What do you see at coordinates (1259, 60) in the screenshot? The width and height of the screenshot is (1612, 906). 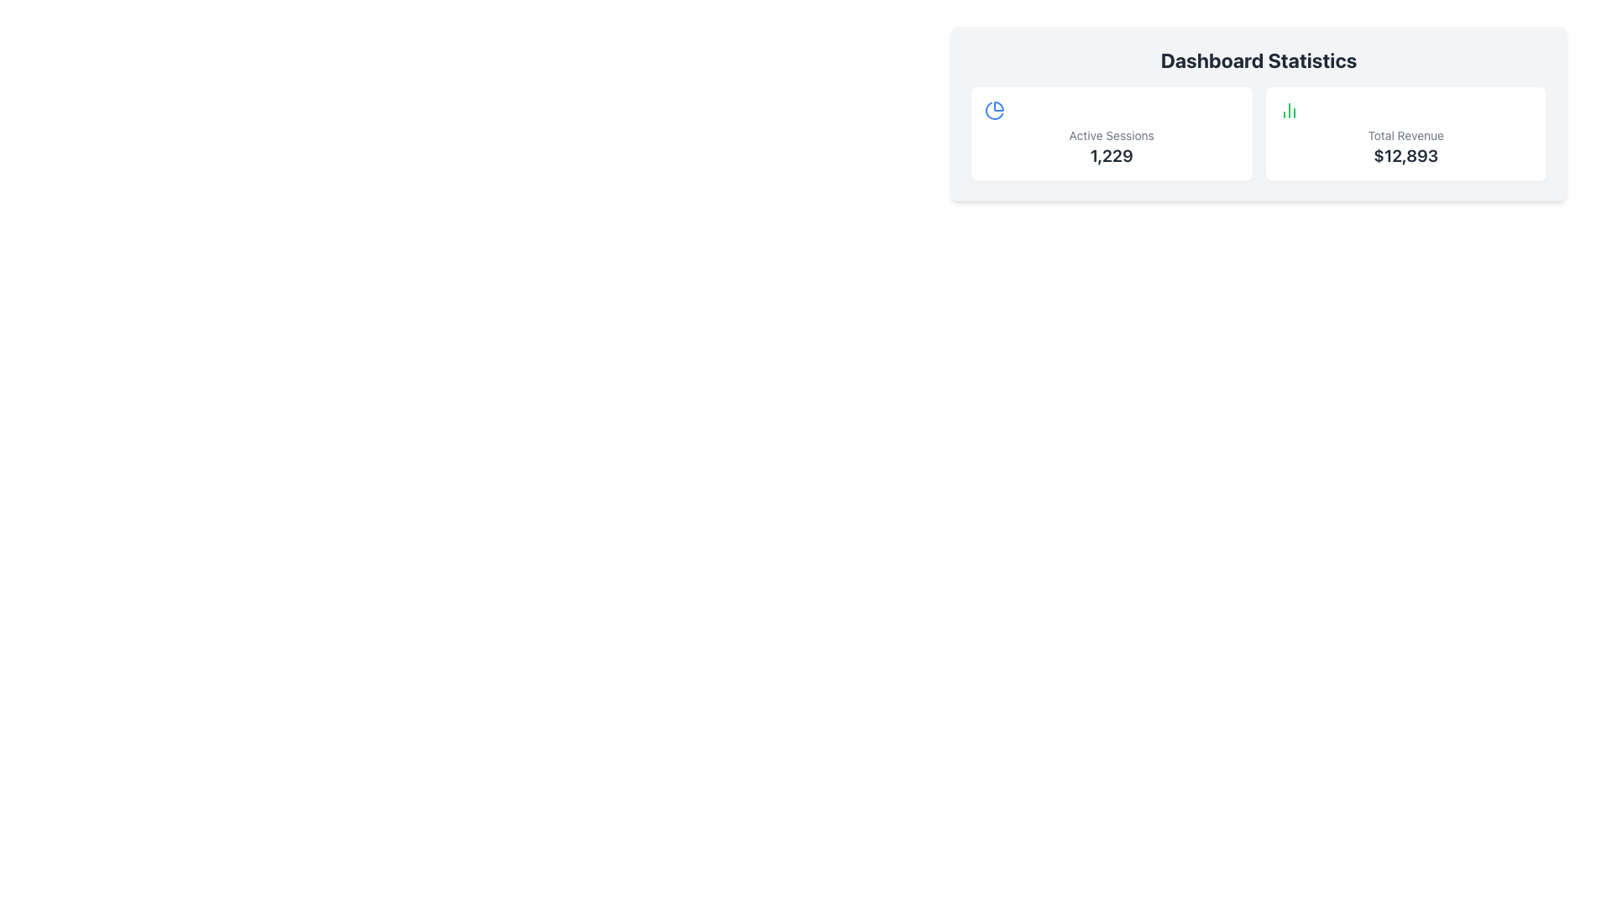 I see `'Dashboard Statistics' text header, which is a bold, large font title in grey color, centrally aligned above the statistics cards for 'Active Sessions' and 'Total Revenue'` at bounding box center [1259, 60].